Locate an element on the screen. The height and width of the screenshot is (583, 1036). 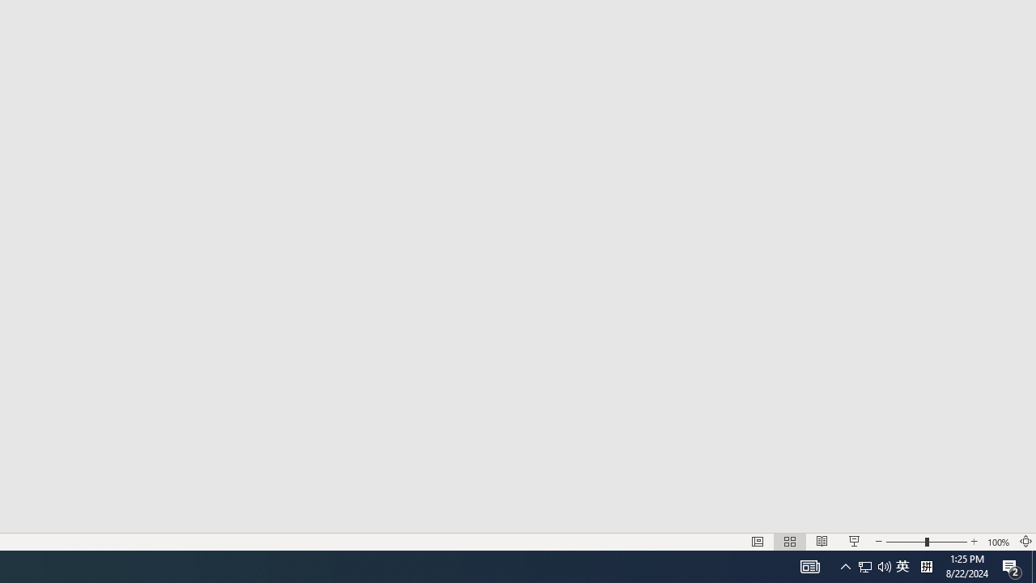
'Normal' is located at coordinates (757, 542).